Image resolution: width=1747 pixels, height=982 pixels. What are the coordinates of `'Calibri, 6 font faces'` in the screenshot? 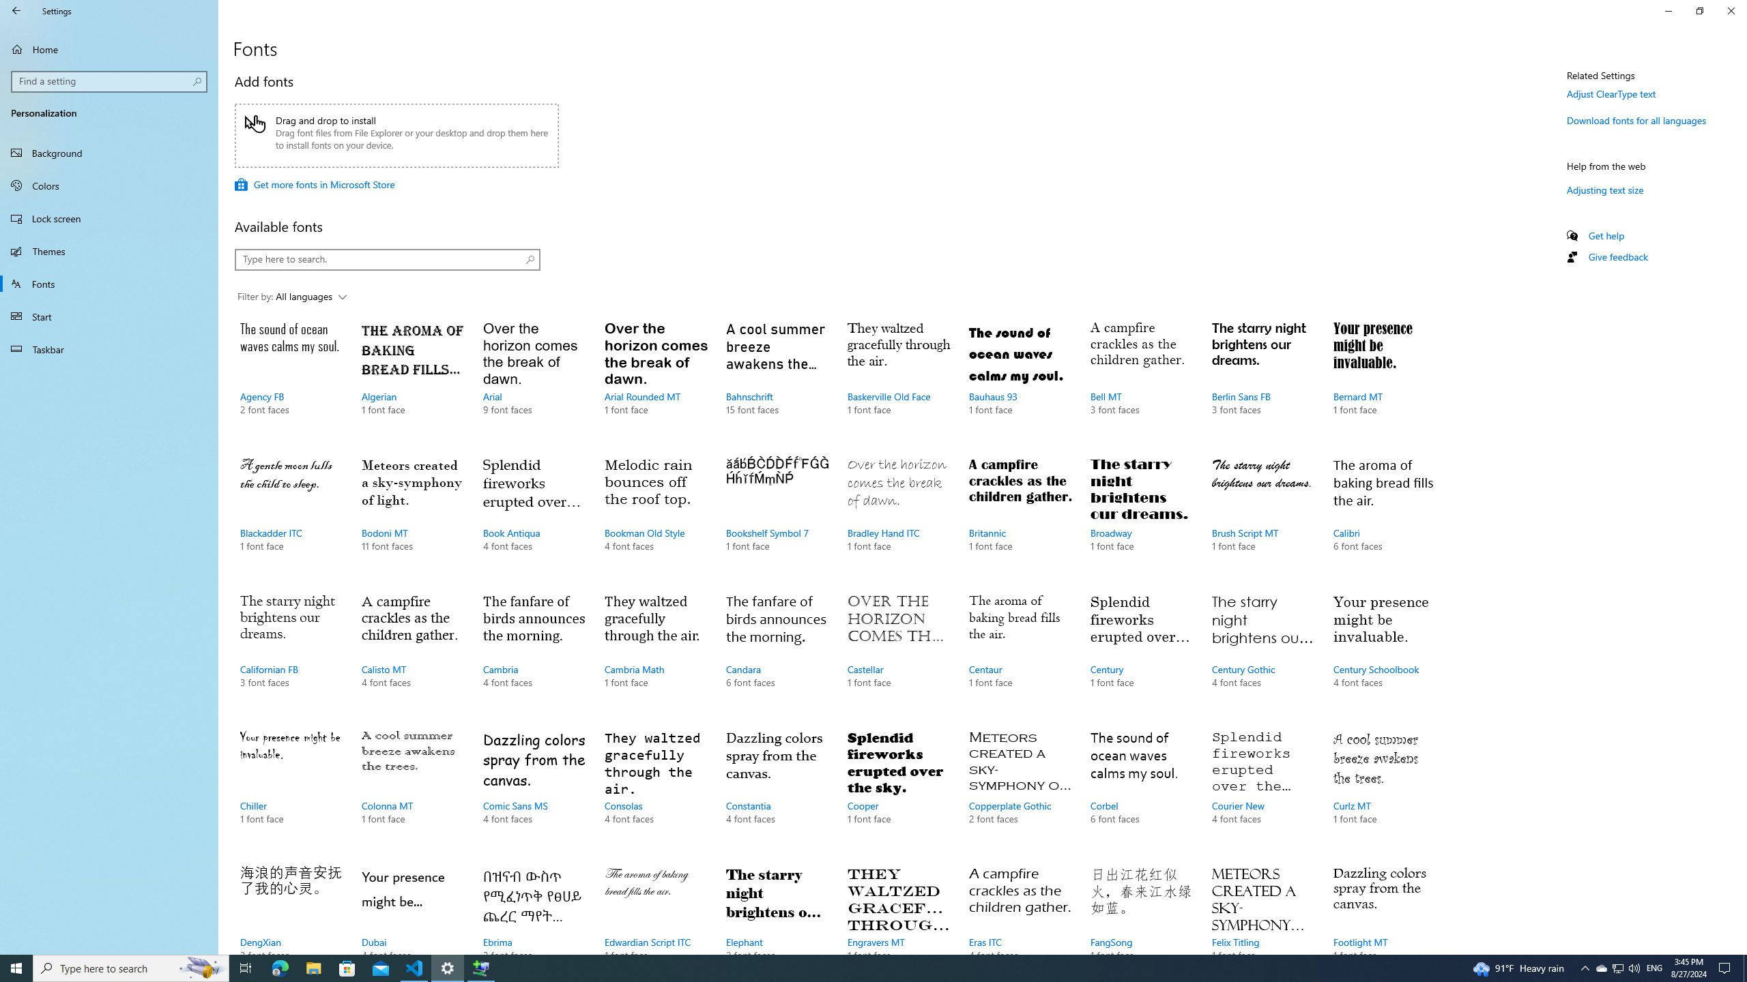 It's located at (1383, 517).